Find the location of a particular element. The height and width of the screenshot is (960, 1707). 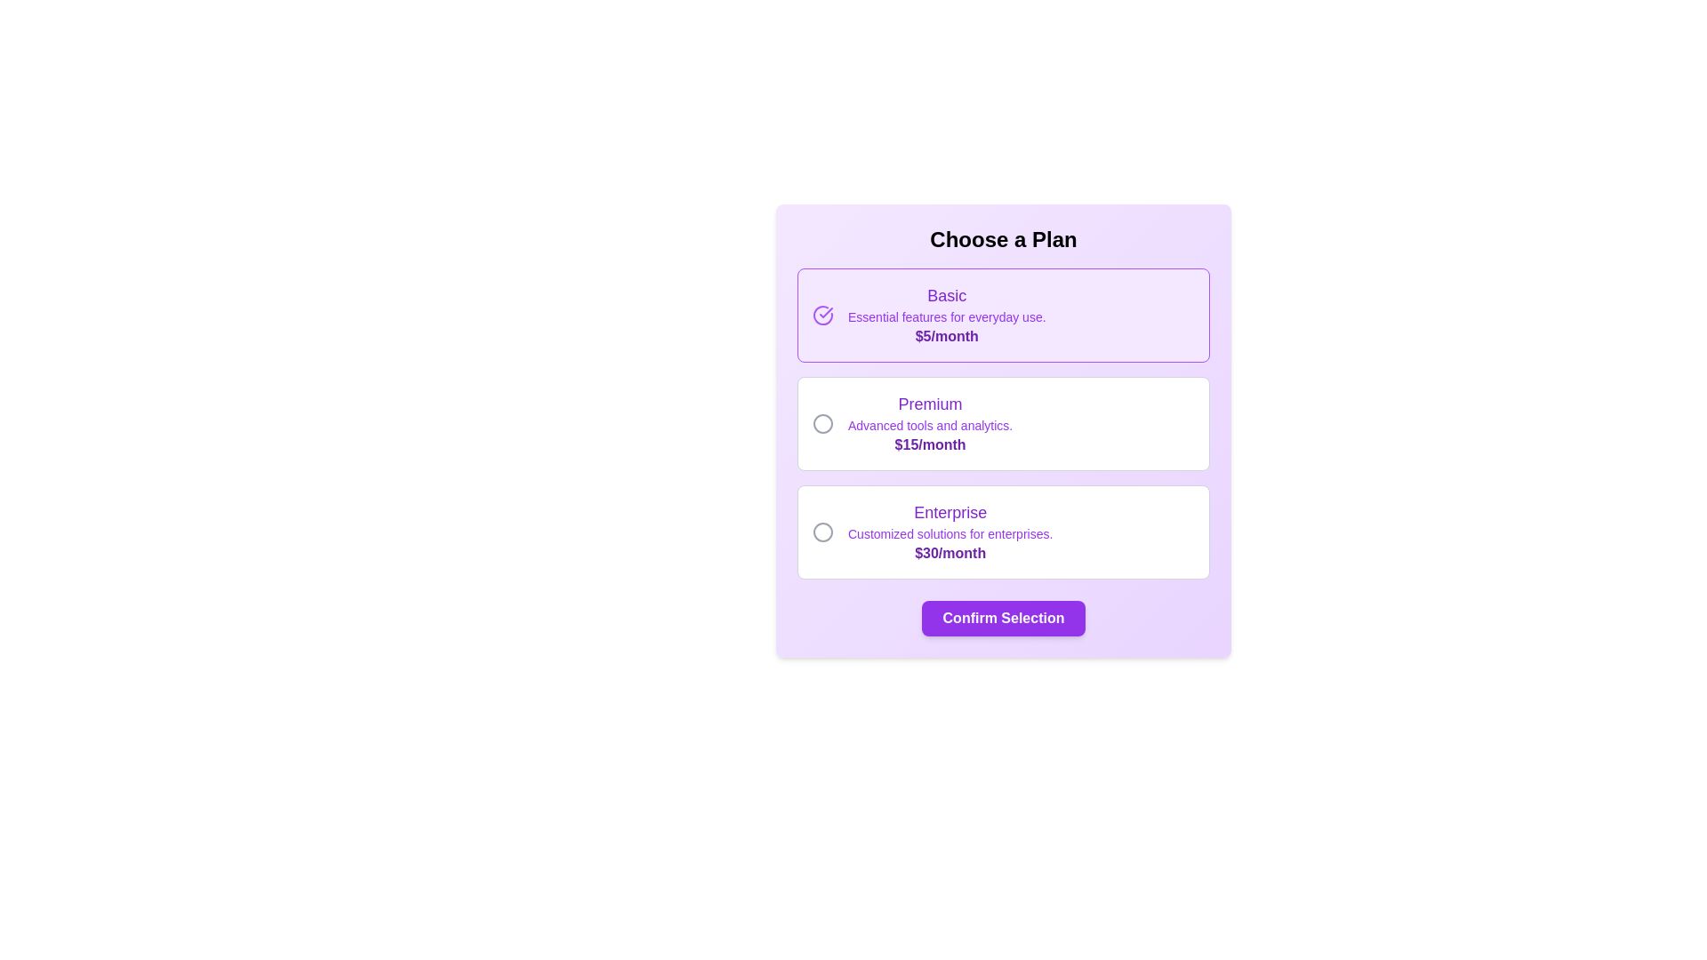

the 'Premium' subscription plan card, which is the second item in a vertical list of subscription options is located at coordinates (1003, 424).